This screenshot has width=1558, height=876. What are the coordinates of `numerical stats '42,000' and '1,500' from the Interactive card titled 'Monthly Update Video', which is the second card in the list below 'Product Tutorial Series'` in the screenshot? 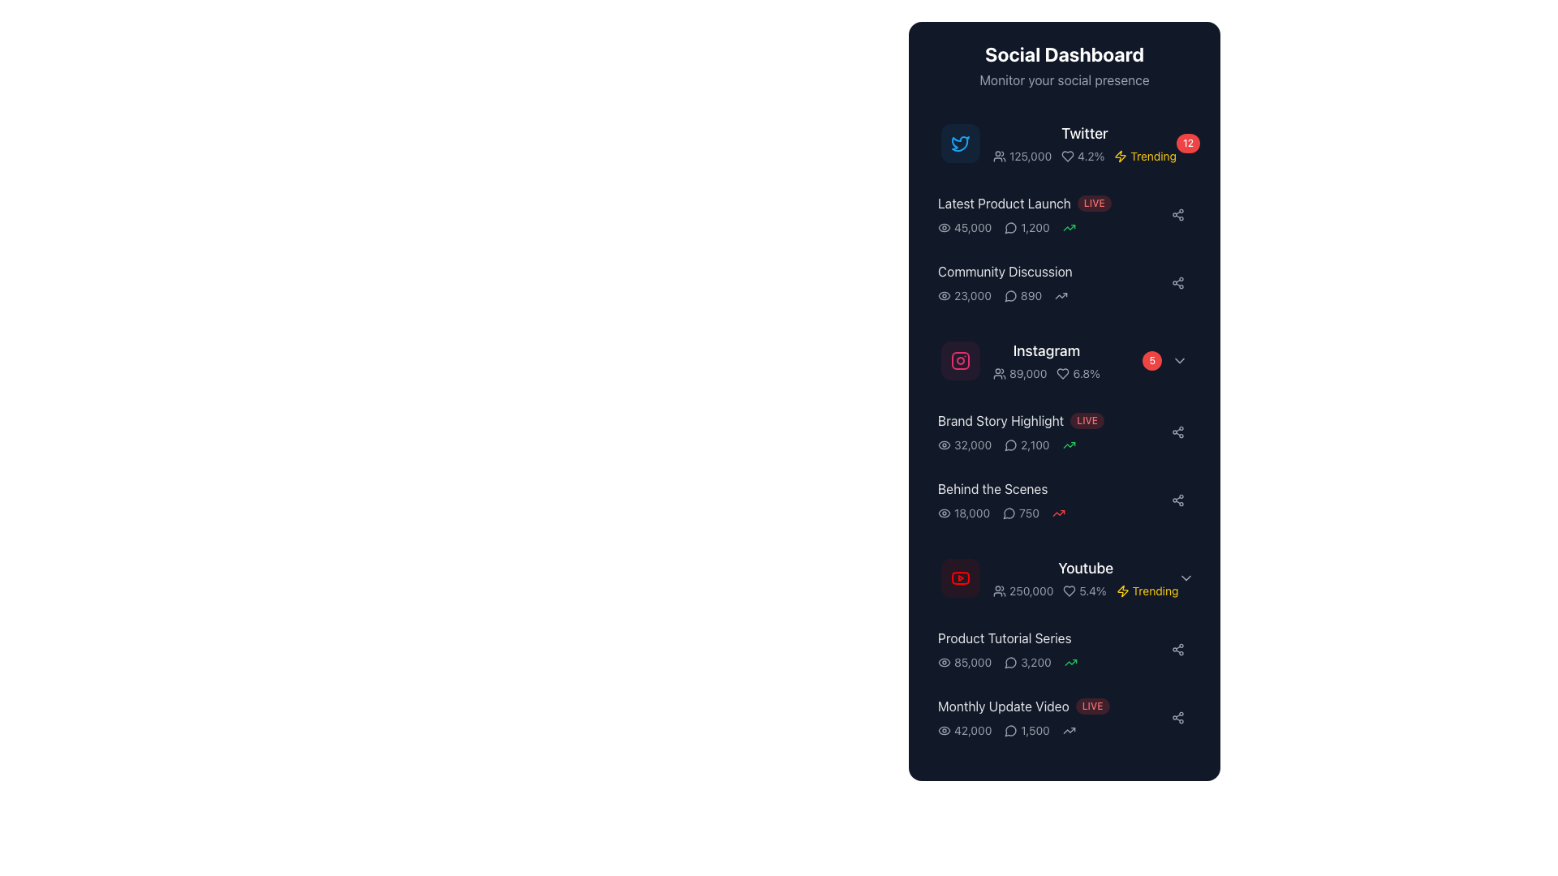 It's located at (1064, 716).